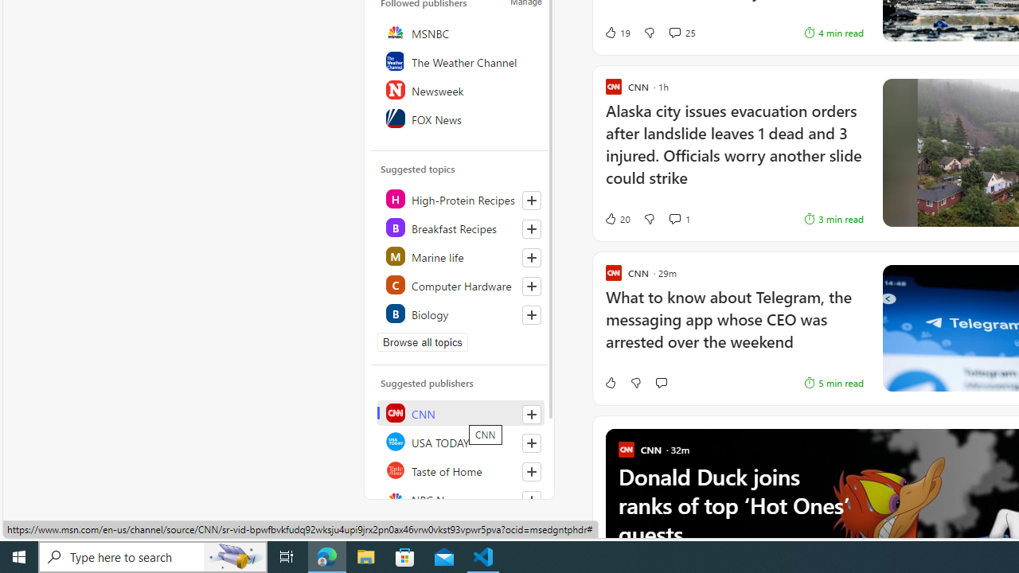  I want to click on 'Newsweek', so click(459, 90).